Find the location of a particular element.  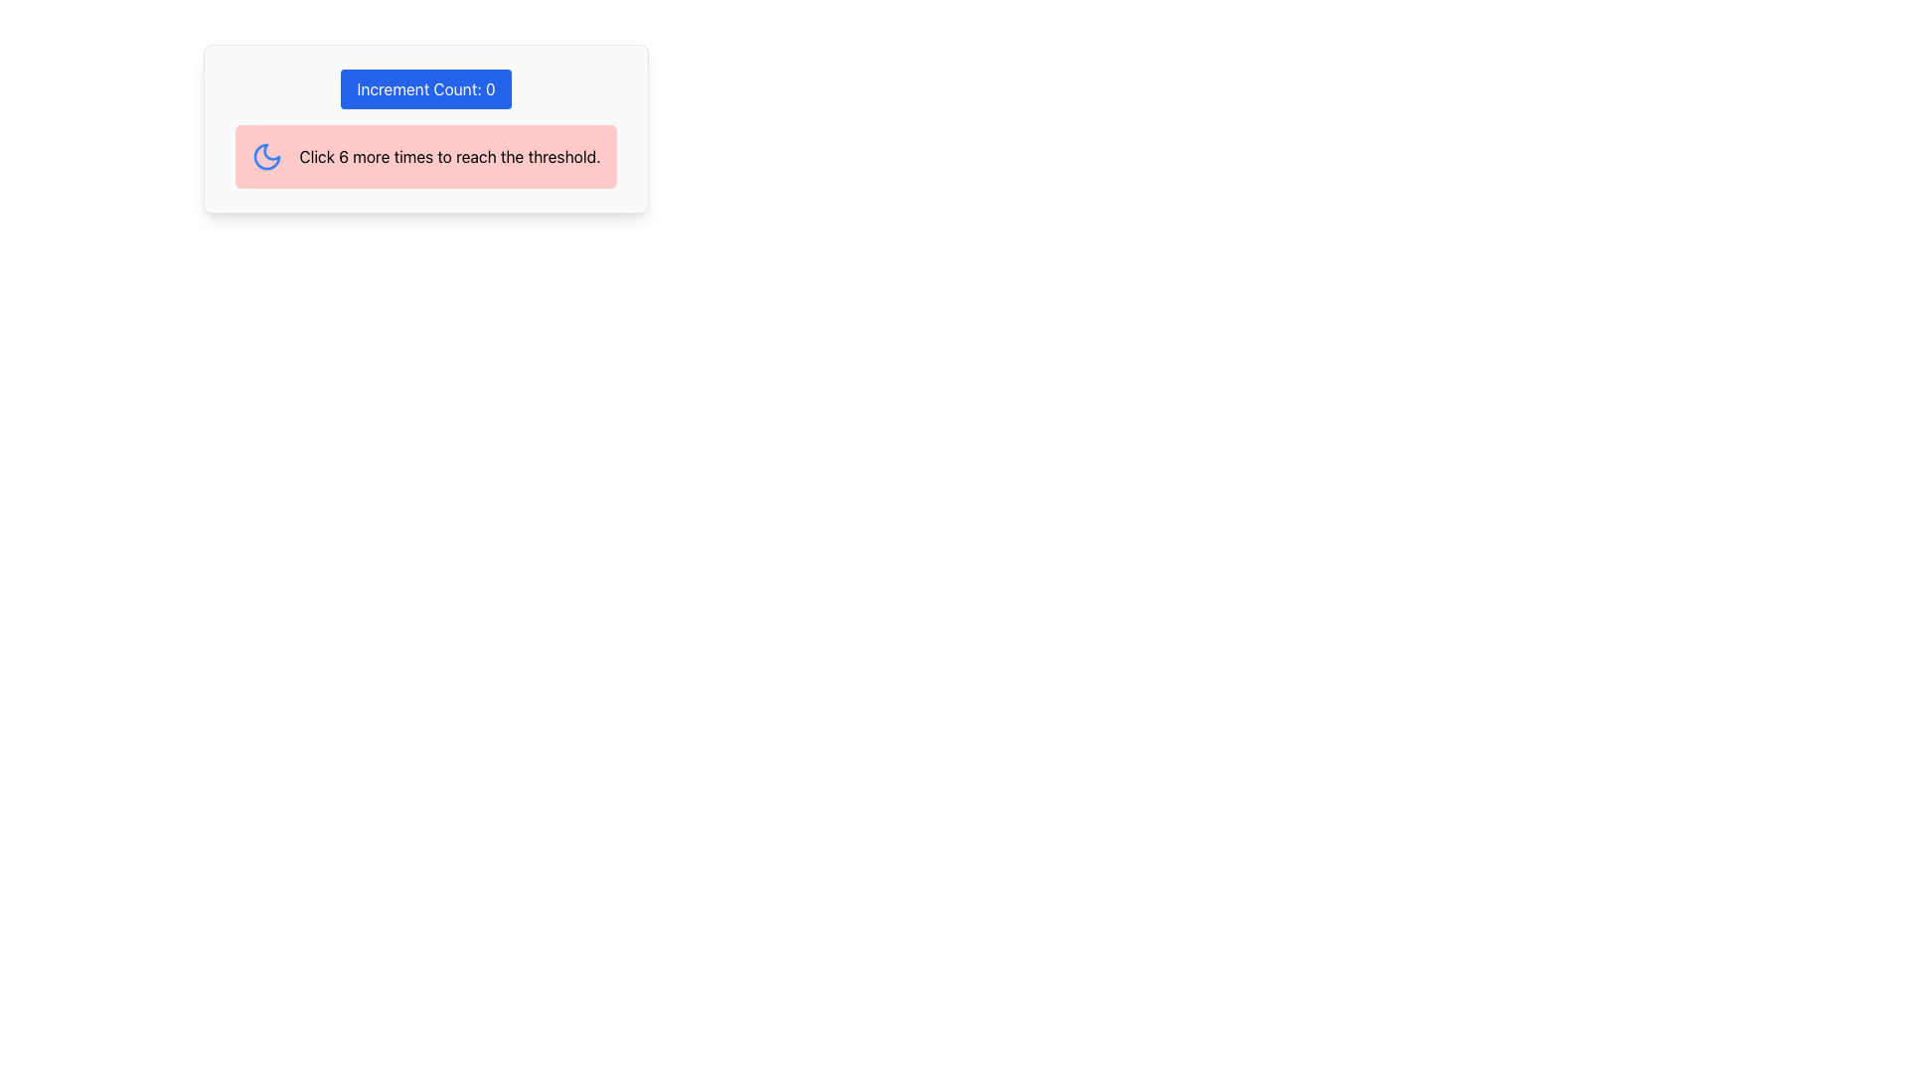

the decorative moon-themed icon located near the top-left corner of the rectangular section with a blue-label widget and a pink notification area is located at coordinates (266, 156).